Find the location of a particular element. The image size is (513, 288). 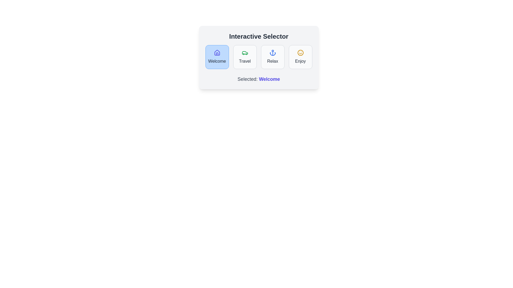

the interactive card labeled 'Enjoy' is located at coordinates (300, 57).